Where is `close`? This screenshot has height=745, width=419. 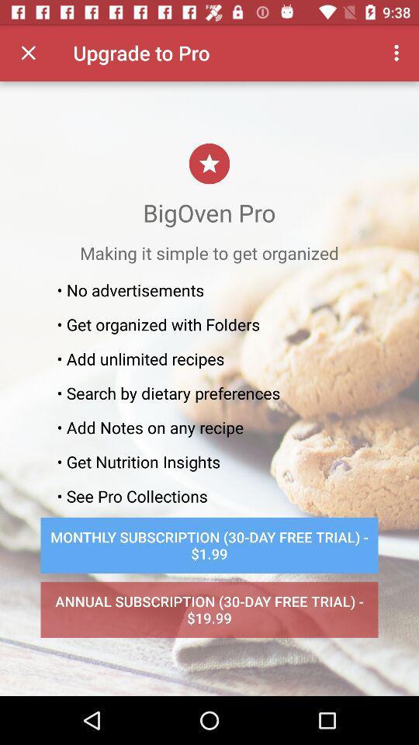 close is located at coordinates (28, 53).